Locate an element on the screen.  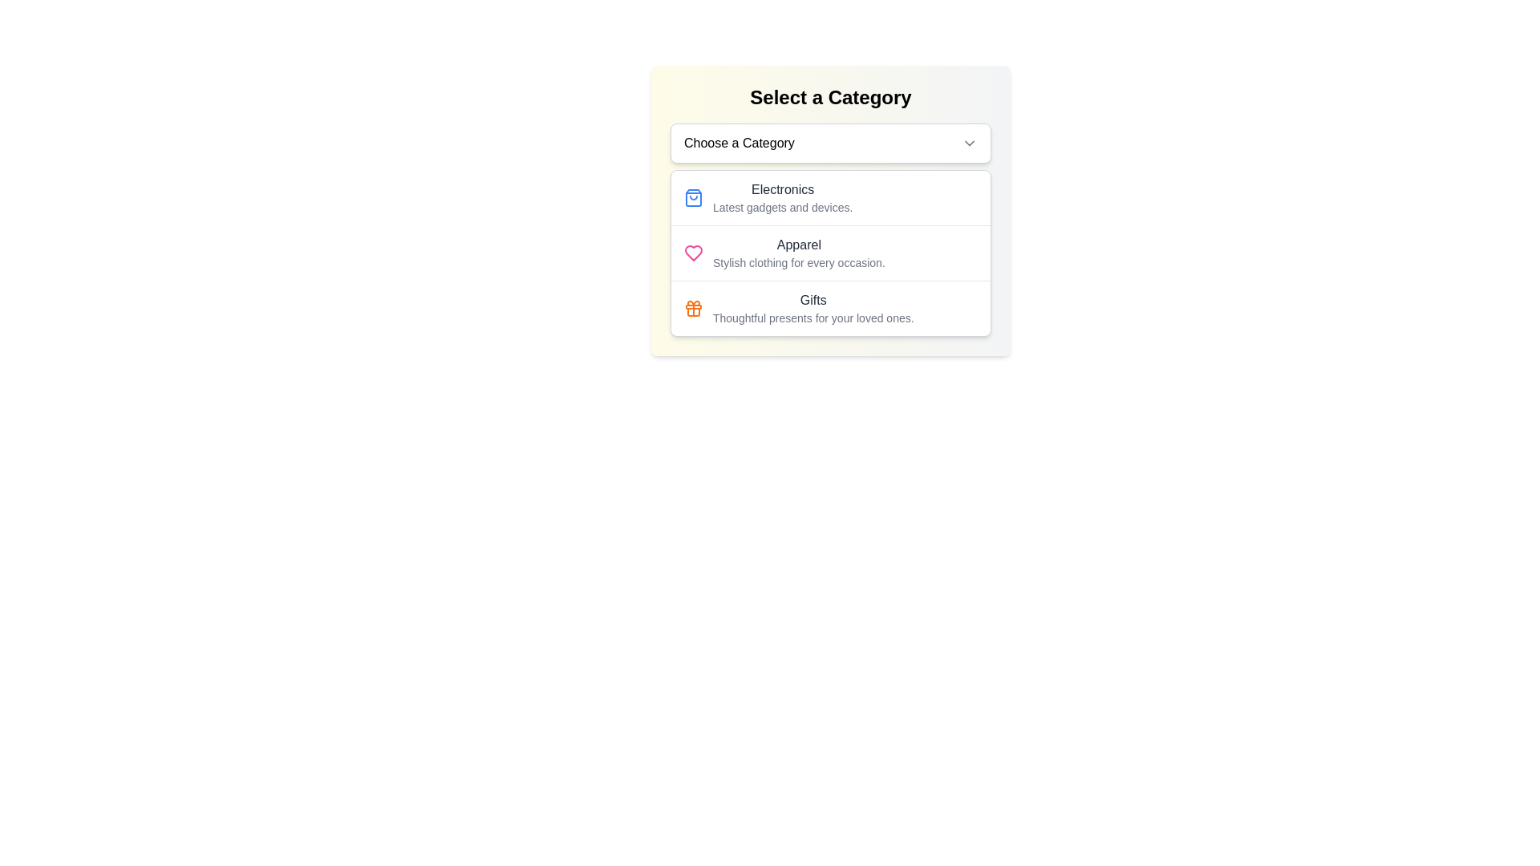
the 'Choose a Category' text label located centrally within the dropdown component at the top of the category selection card is located at coordinates (738, 142).